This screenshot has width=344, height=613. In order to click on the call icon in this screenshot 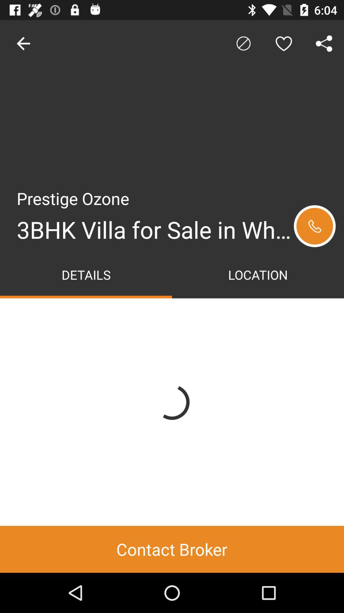, I will do `click(314, 226)`.